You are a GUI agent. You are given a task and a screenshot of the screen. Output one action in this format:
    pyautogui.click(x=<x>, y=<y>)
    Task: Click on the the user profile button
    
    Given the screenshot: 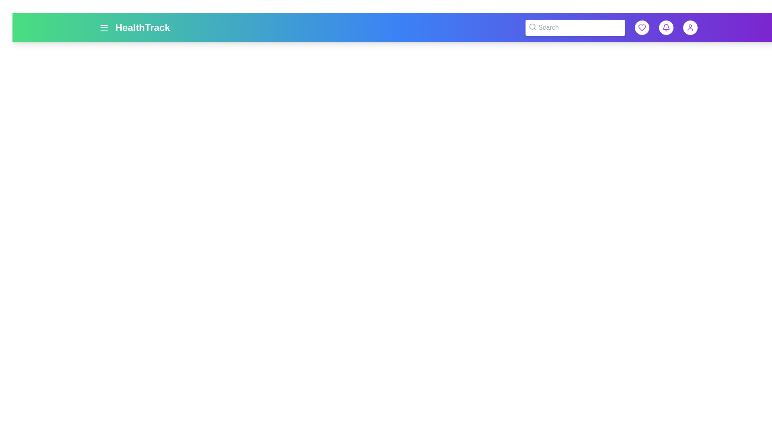 What is the action you would take?
    pyautogui.click(x=690, y=27)
    